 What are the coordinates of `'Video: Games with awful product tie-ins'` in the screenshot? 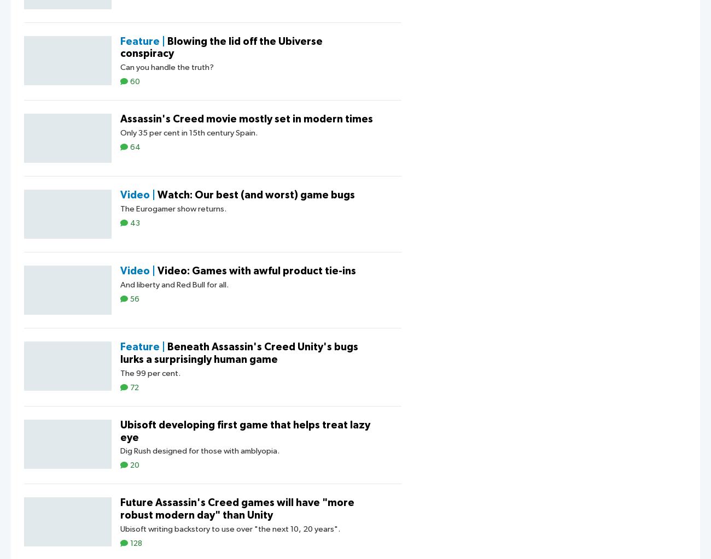 It's located at (256, 271).